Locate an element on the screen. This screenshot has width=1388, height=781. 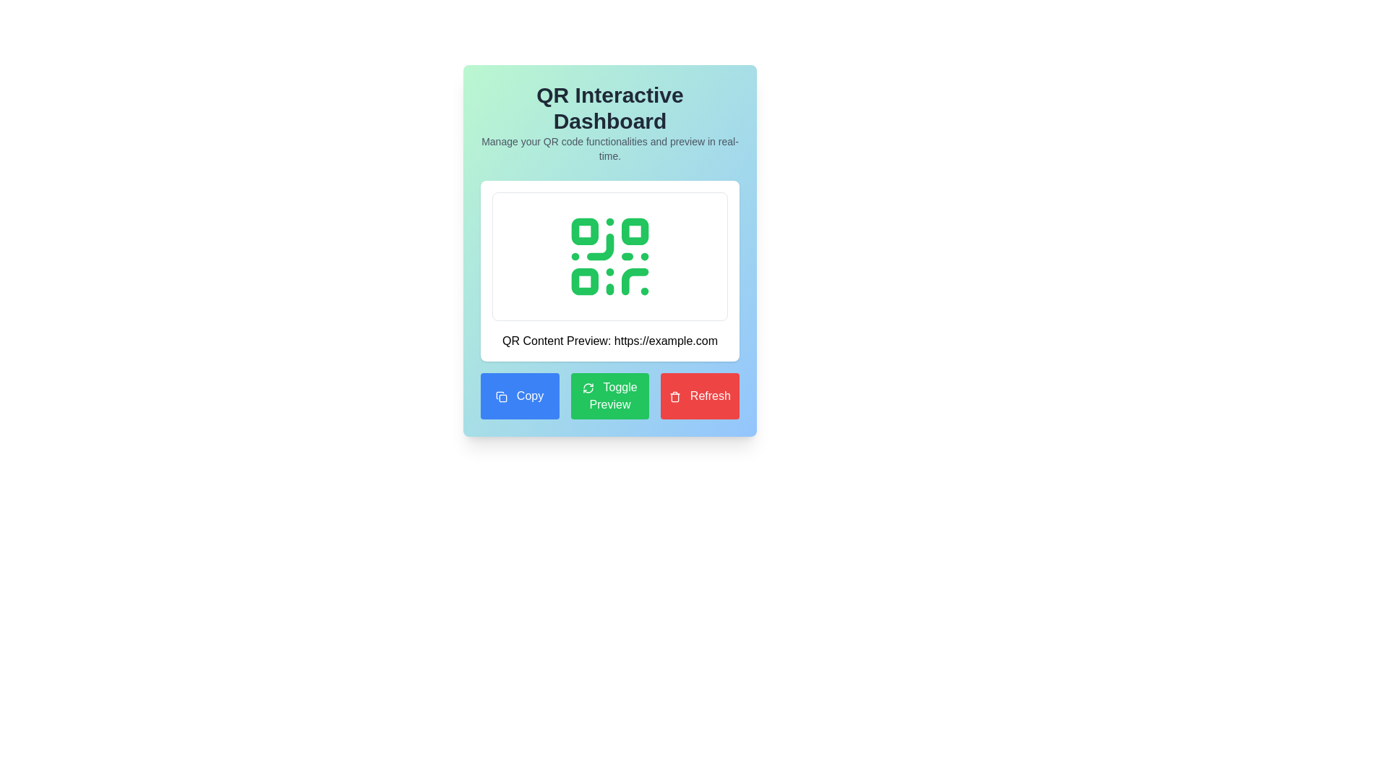
the title text 'QR Interactive Dashboard' which is styled with a bold and large font, located at the center-top of the interface is located at coordinates (610, 108).